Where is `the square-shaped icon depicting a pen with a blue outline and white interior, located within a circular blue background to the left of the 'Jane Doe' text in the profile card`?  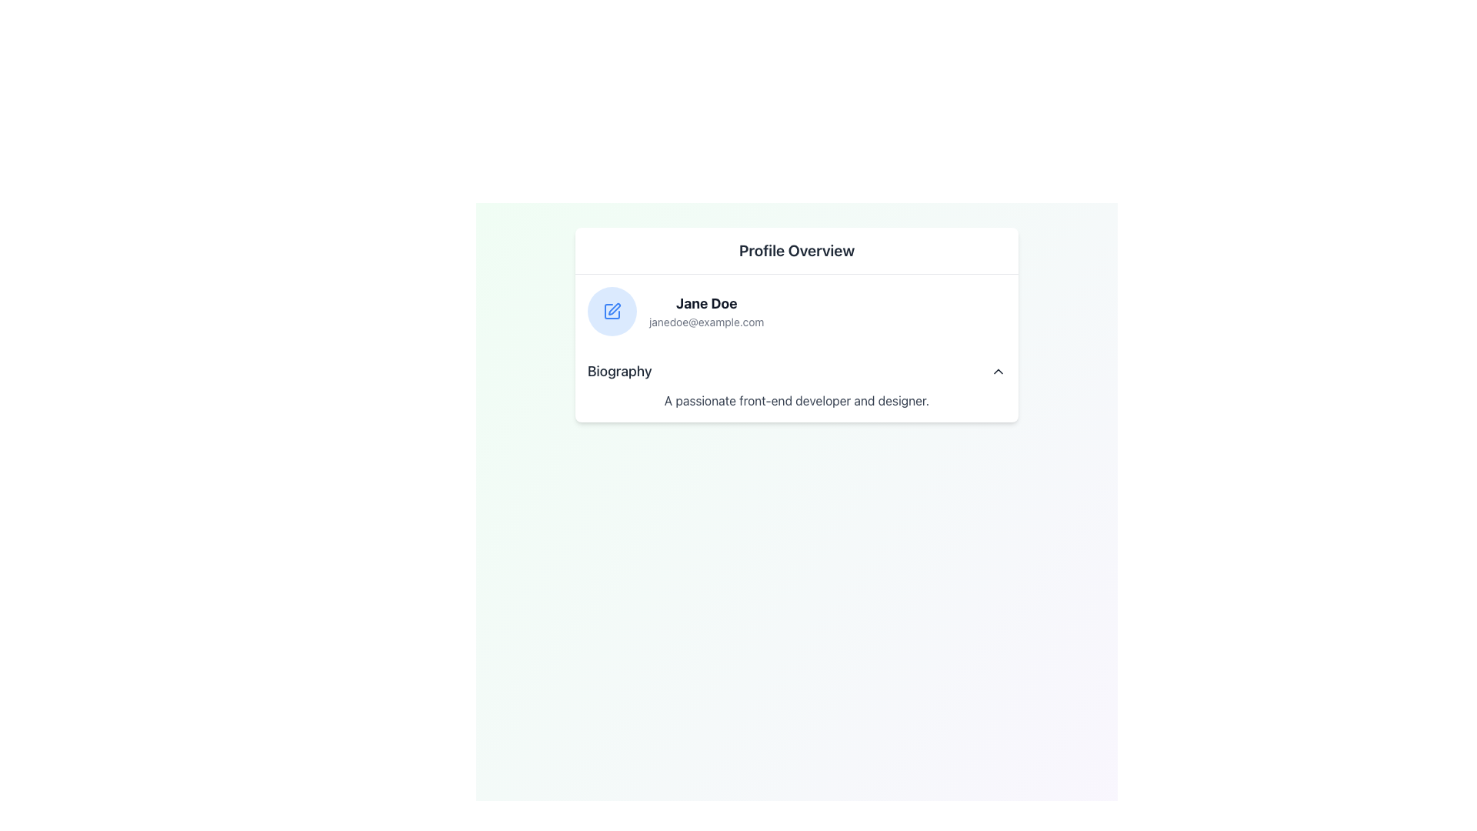
the square-shaped icon depicting a pen with a blue outline and white interior, located within a circular blue background to the left of the 'Jane Doe' text in the profile card is located at coordinates (612, 312).